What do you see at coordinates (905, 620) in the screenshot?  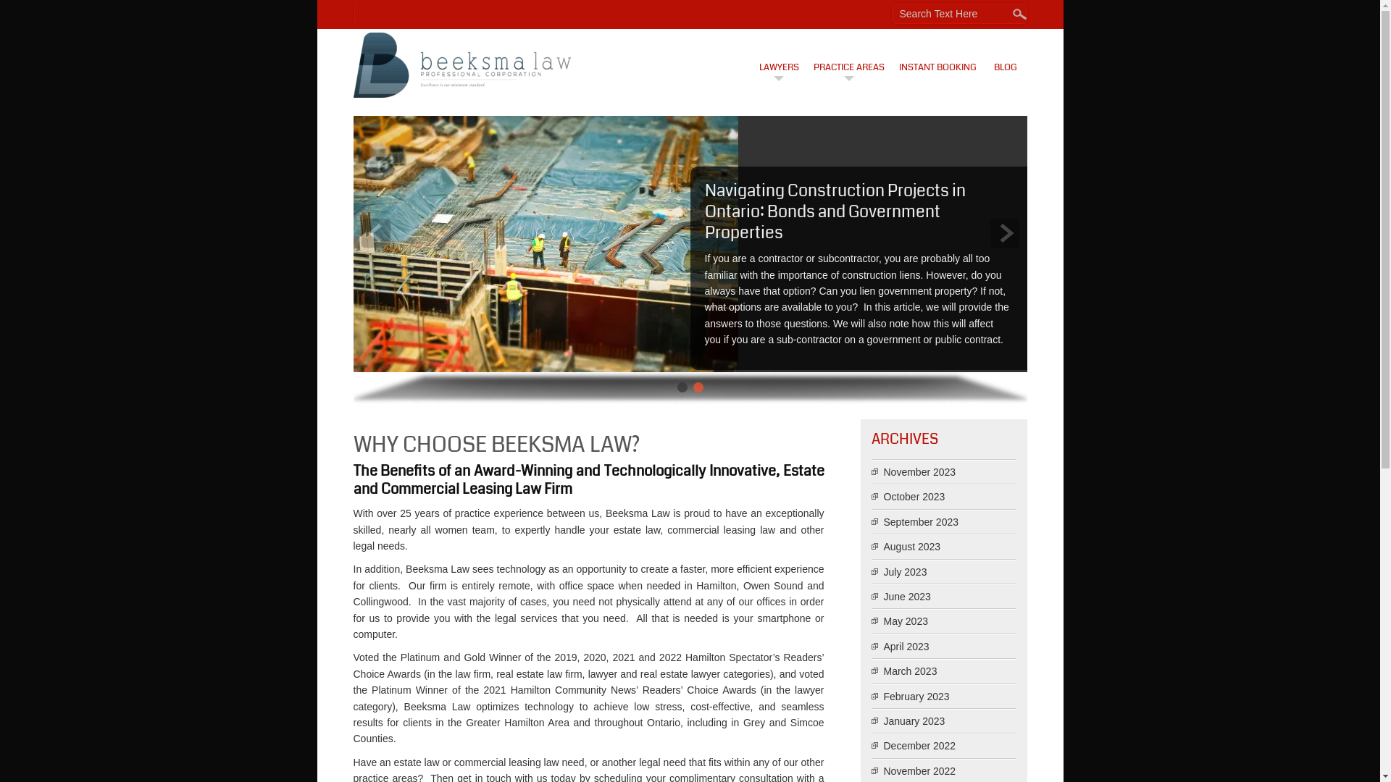 I see `'May 2023'` at bounding box center [905, 620].